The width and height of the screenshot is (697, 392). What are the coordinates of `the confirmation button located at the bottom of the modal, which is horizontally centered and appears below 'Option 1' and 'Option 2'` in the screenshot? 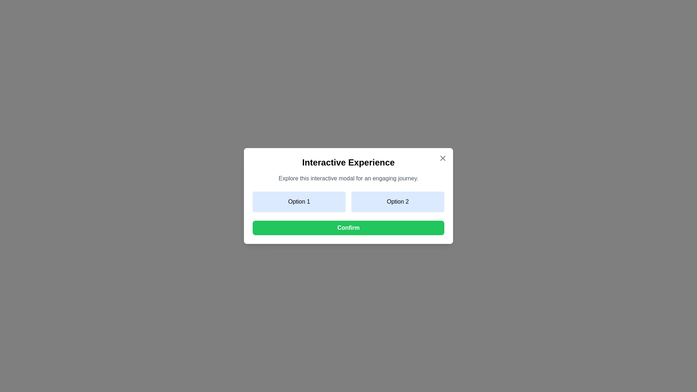 It's located at (348, 228).